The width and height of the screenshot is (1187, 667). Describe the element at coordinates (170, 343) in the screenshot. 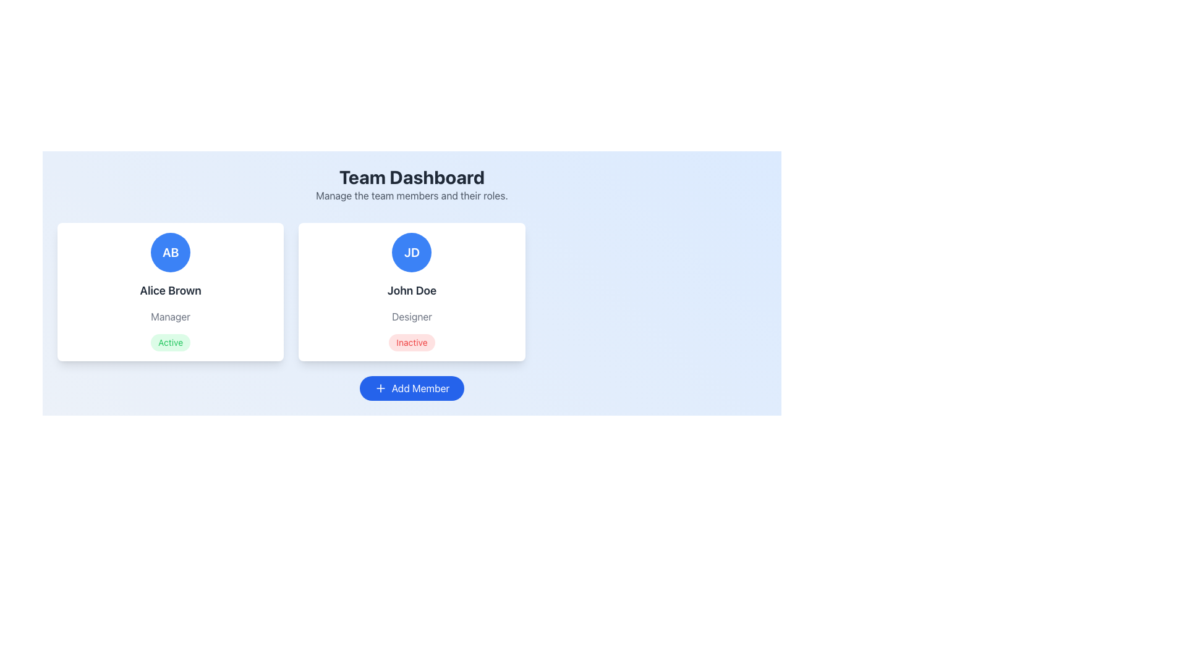

I see `the Status indicator label that shows the team member's active status, positioned below the 'Manager' text in the profile card` at that location.